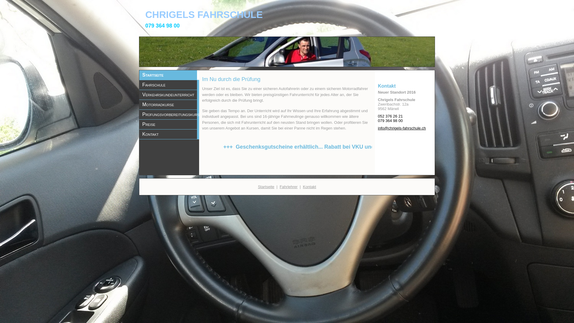 The width and height of the screenshot is (574, 323). What do you see at coordinates (169, 134) in the screenshot?
I see `'Kontakt'` at bounding box center [169, 134].